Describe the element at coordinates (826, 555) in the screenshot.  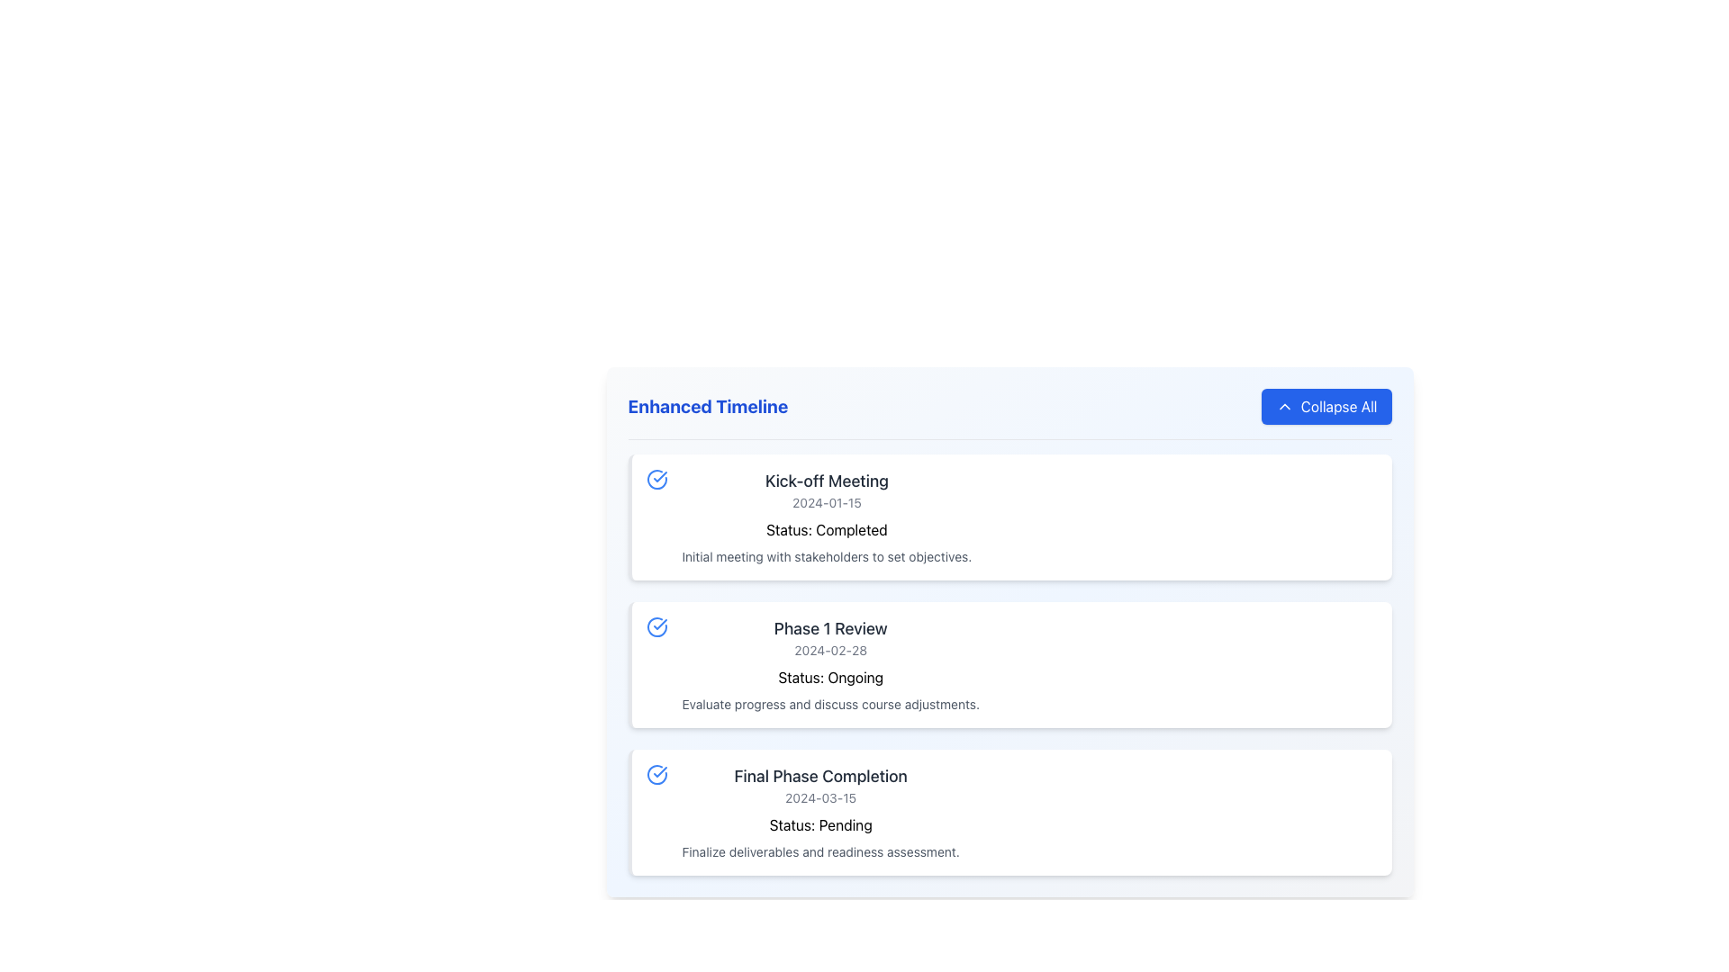
I see `static text that displays 'Initial meeting with stakeholders to set objectives.' located under the 'Kick-off Meeting' group` at that location.